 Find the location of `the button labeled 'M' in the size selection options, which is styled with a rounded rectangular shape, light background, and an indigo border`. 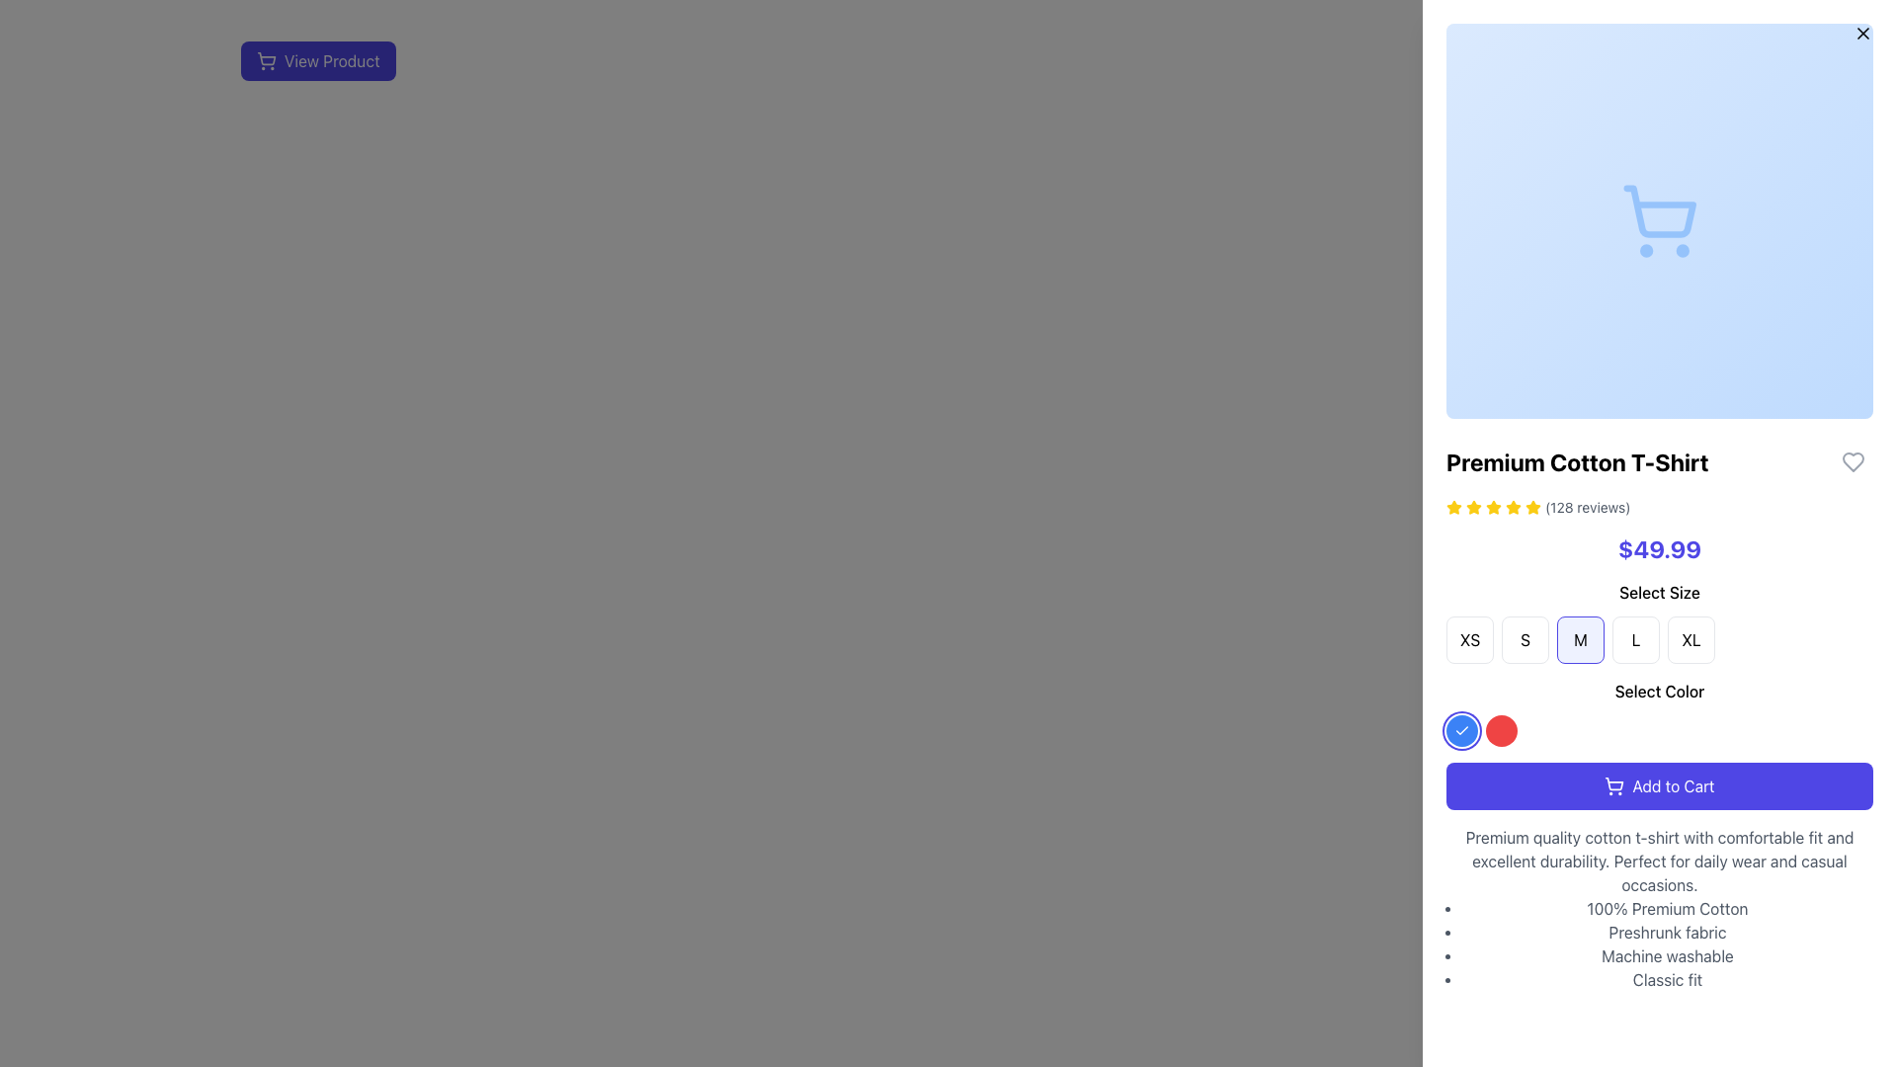

the button labeled 'M' in the size selection options, which is styled with a rounded rectangular shape, light background, and an indigo border is located at coordinates (1579, 640).